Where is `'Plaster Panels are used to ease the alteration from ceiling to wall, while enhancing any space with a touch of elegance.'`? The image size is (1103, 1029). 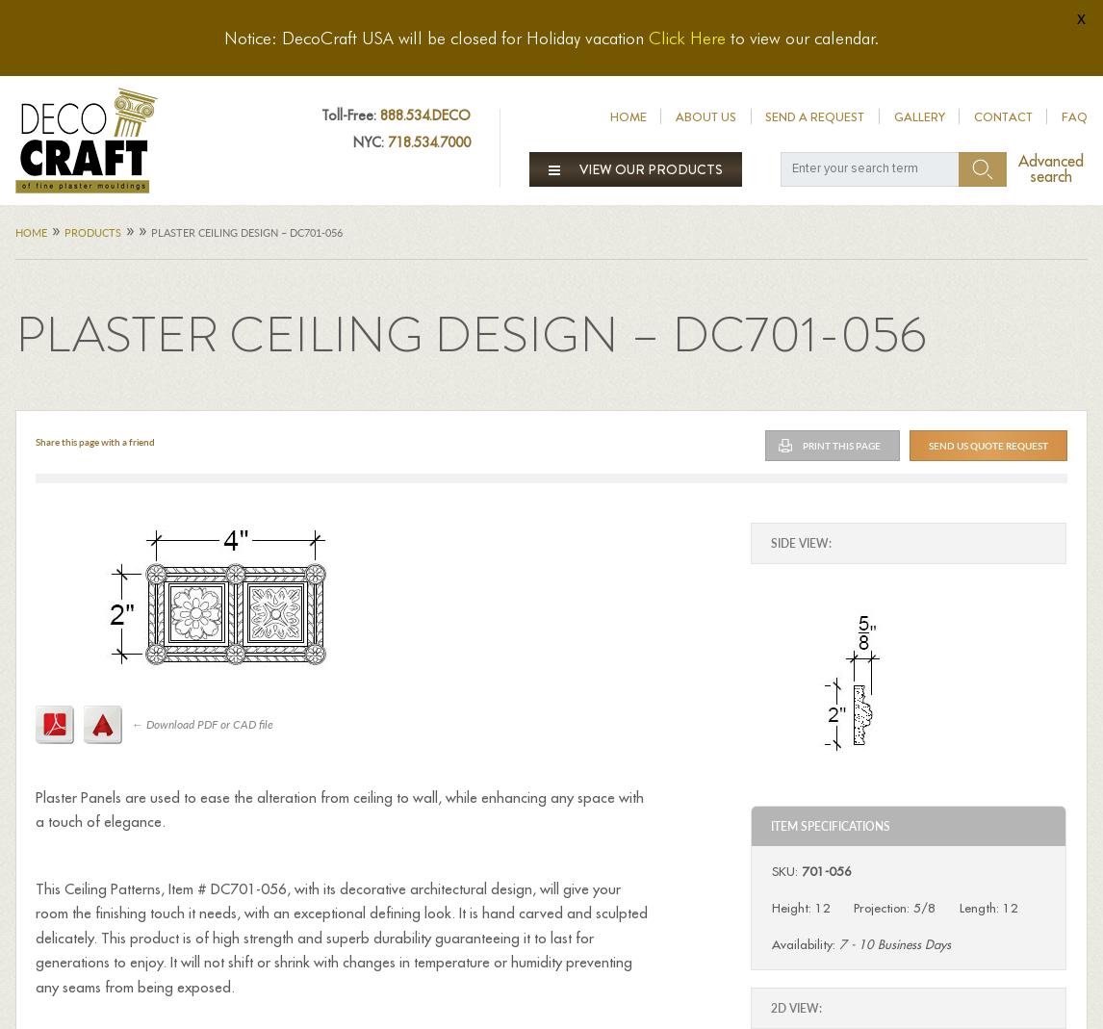 'Plaster Panels are used to ease the alteration from ceiling to wall, while enhancing any space with a touch of elegance.' is located at coordinates (338, 810).